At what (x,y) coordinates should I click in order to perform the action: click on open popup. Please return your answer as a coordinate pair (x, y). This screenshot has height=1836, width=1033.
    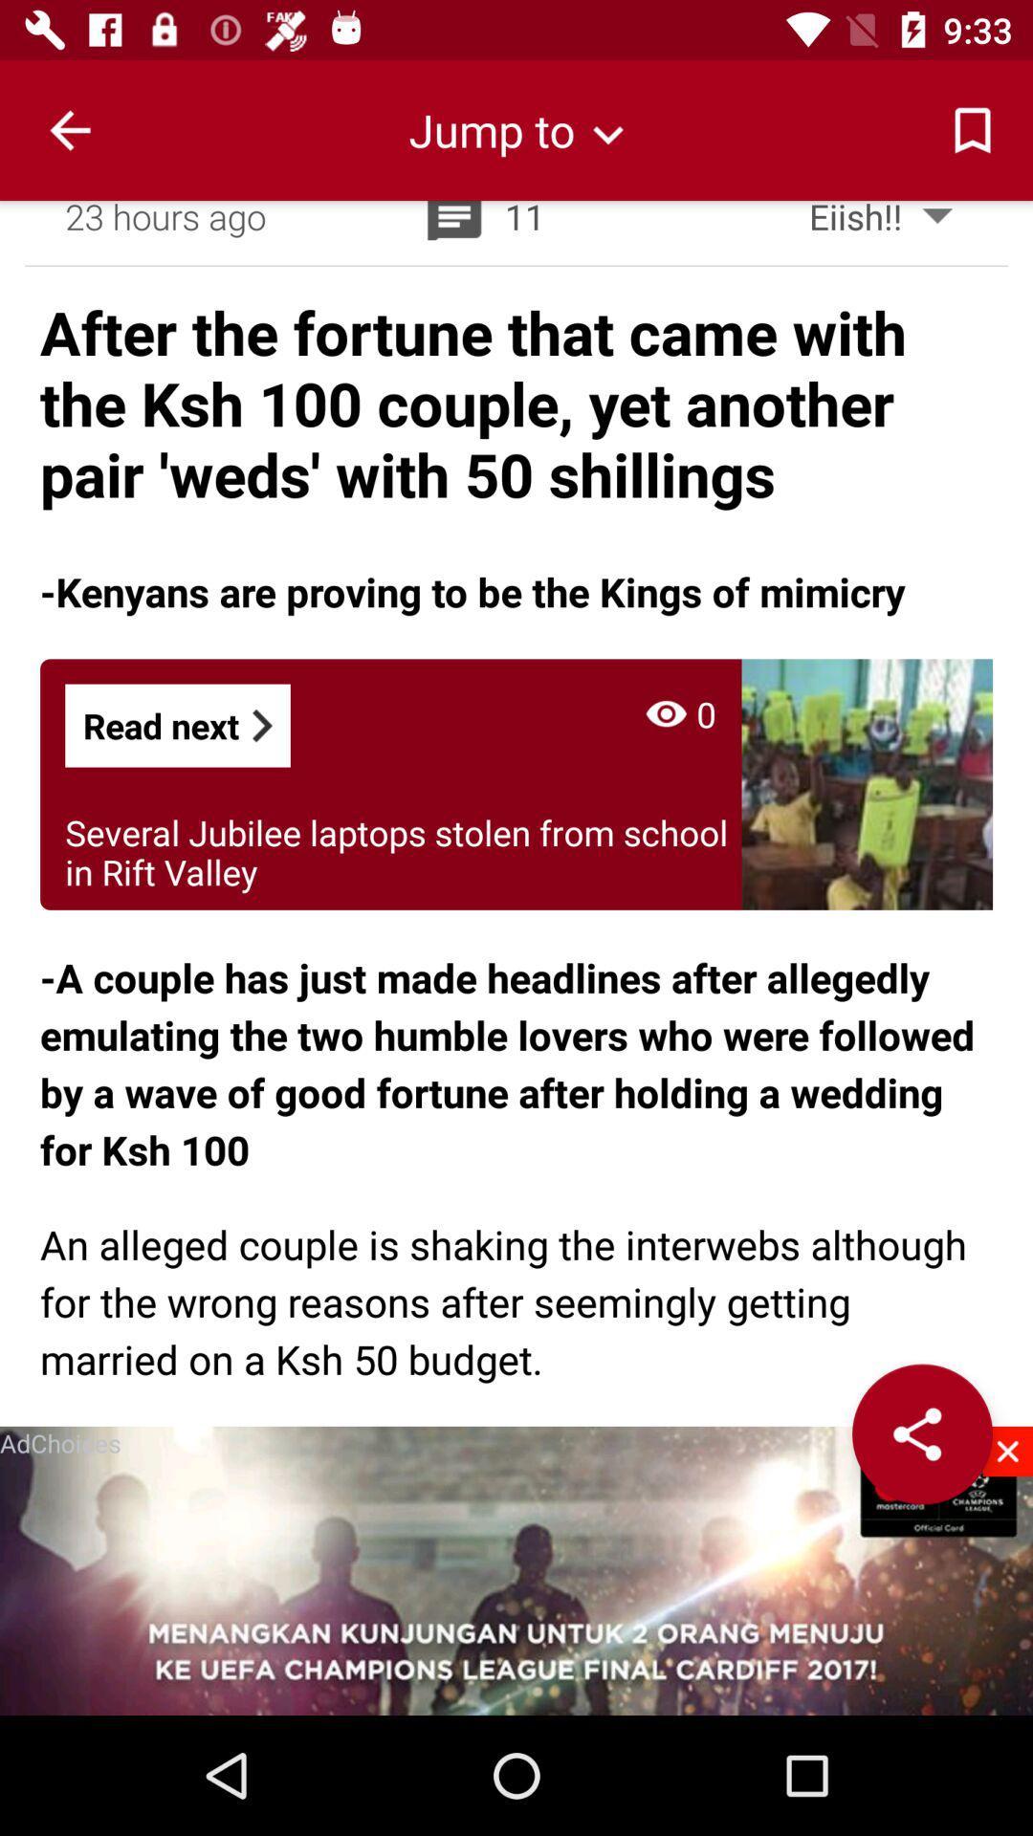
    Looking at the image, I should click on (516, 1570).